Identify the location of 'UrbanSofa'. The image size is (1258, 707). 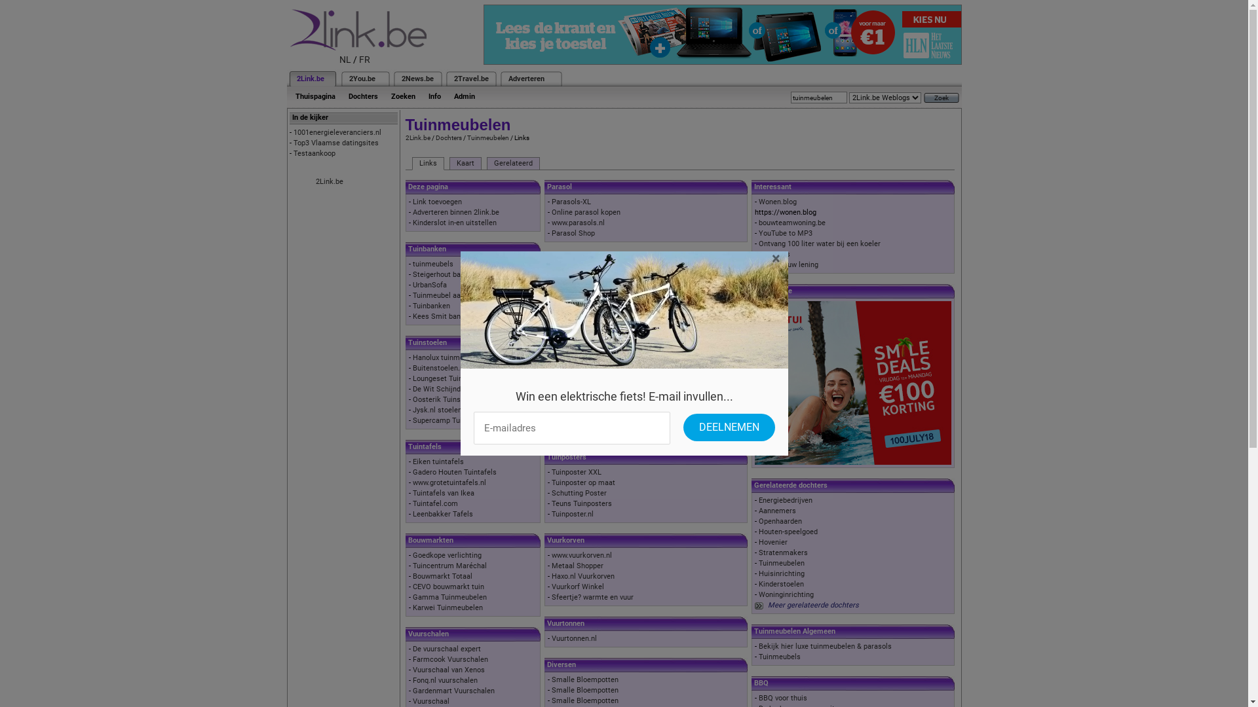
(430, 284).